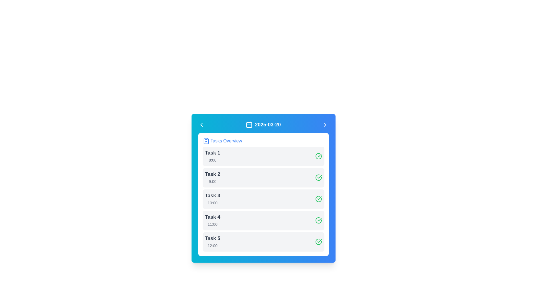 The width and height of the screenshot is (540, 304). I want to click on the text label for 'Task 3' scheduled for '10:00', which is the third item in a vertically arranged list, so click(212, 198).